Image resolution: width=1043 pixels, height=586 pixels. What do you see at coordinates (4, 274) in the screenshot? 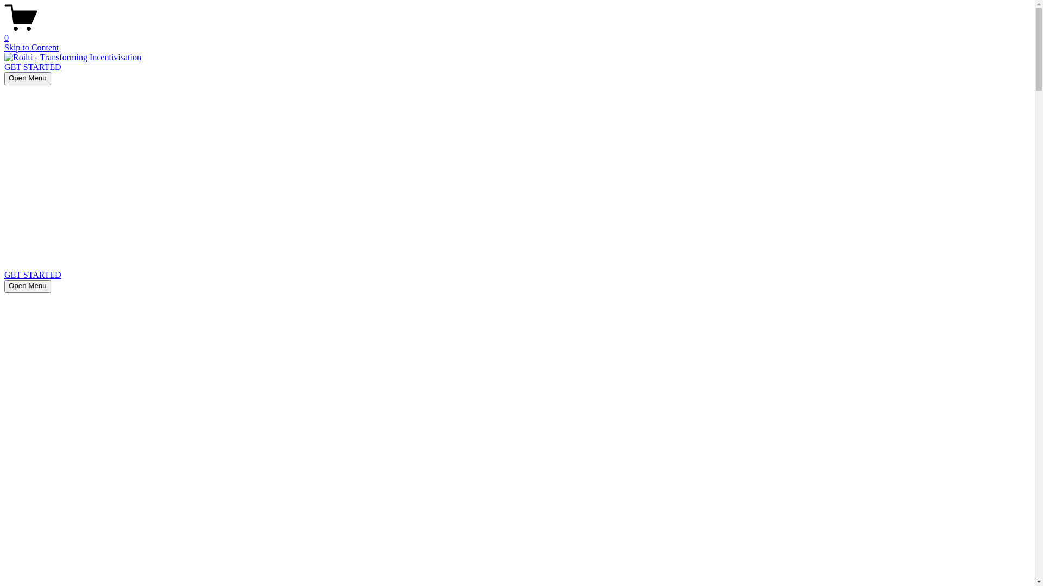
I see `'GET STARTED'` at bounding box center [4, 274].